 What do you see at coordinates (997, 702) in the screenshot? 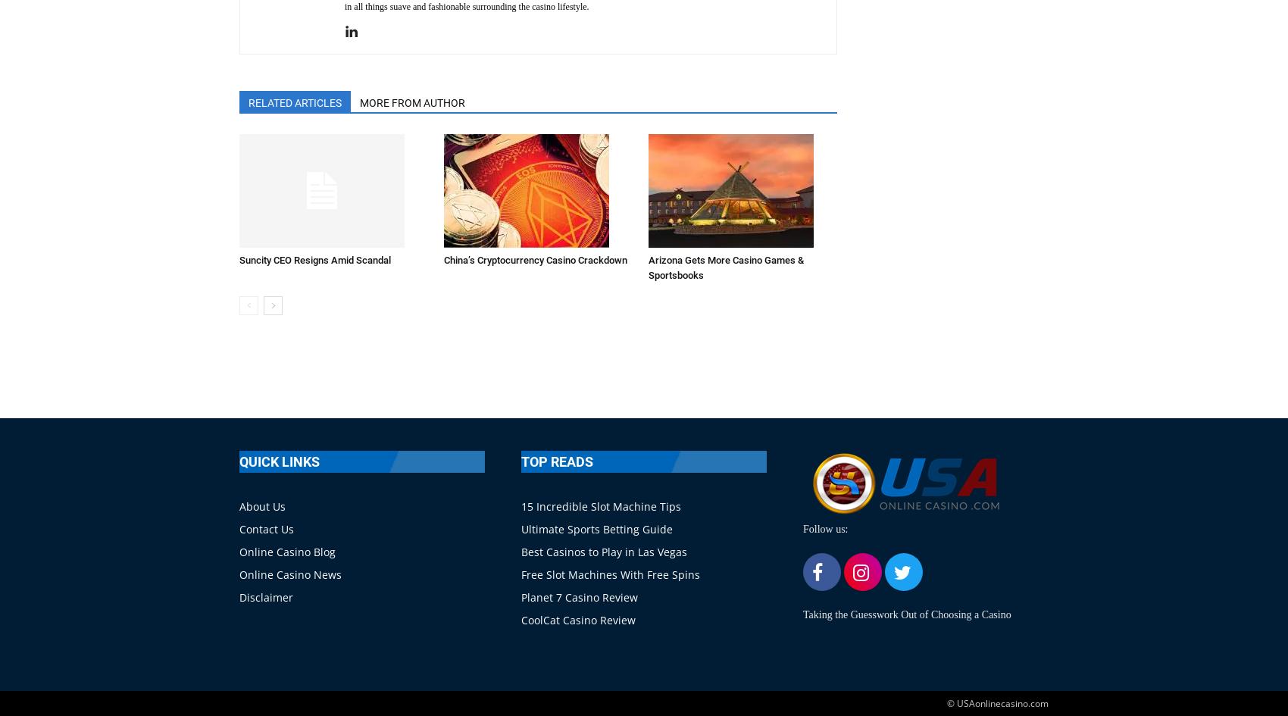
I see `'© USAonlinecasino.com'` at bounding box center [997, 702].